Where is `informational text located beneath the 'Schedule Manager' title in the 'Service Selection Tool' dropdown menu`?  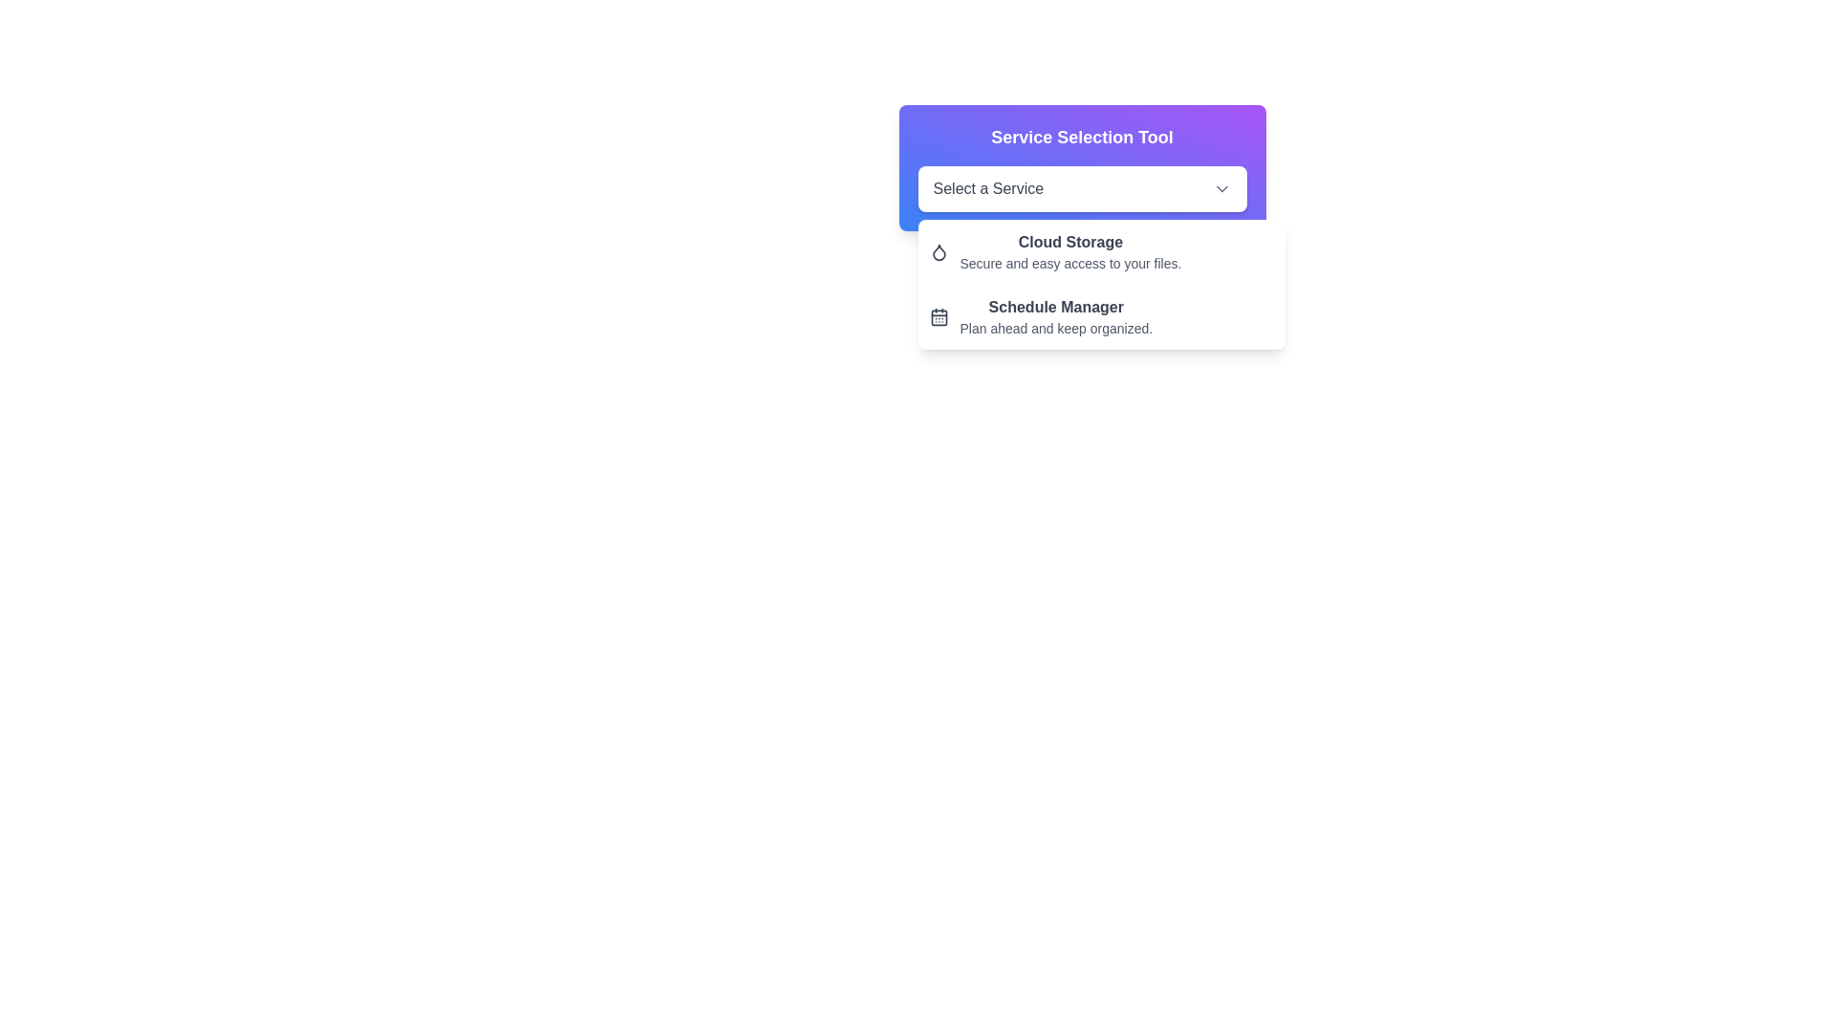 informational text located beneath the 'Schedule Manager' title in the 'Service Selection Tool' dropdown menu is located at coordinates (1055, 327).